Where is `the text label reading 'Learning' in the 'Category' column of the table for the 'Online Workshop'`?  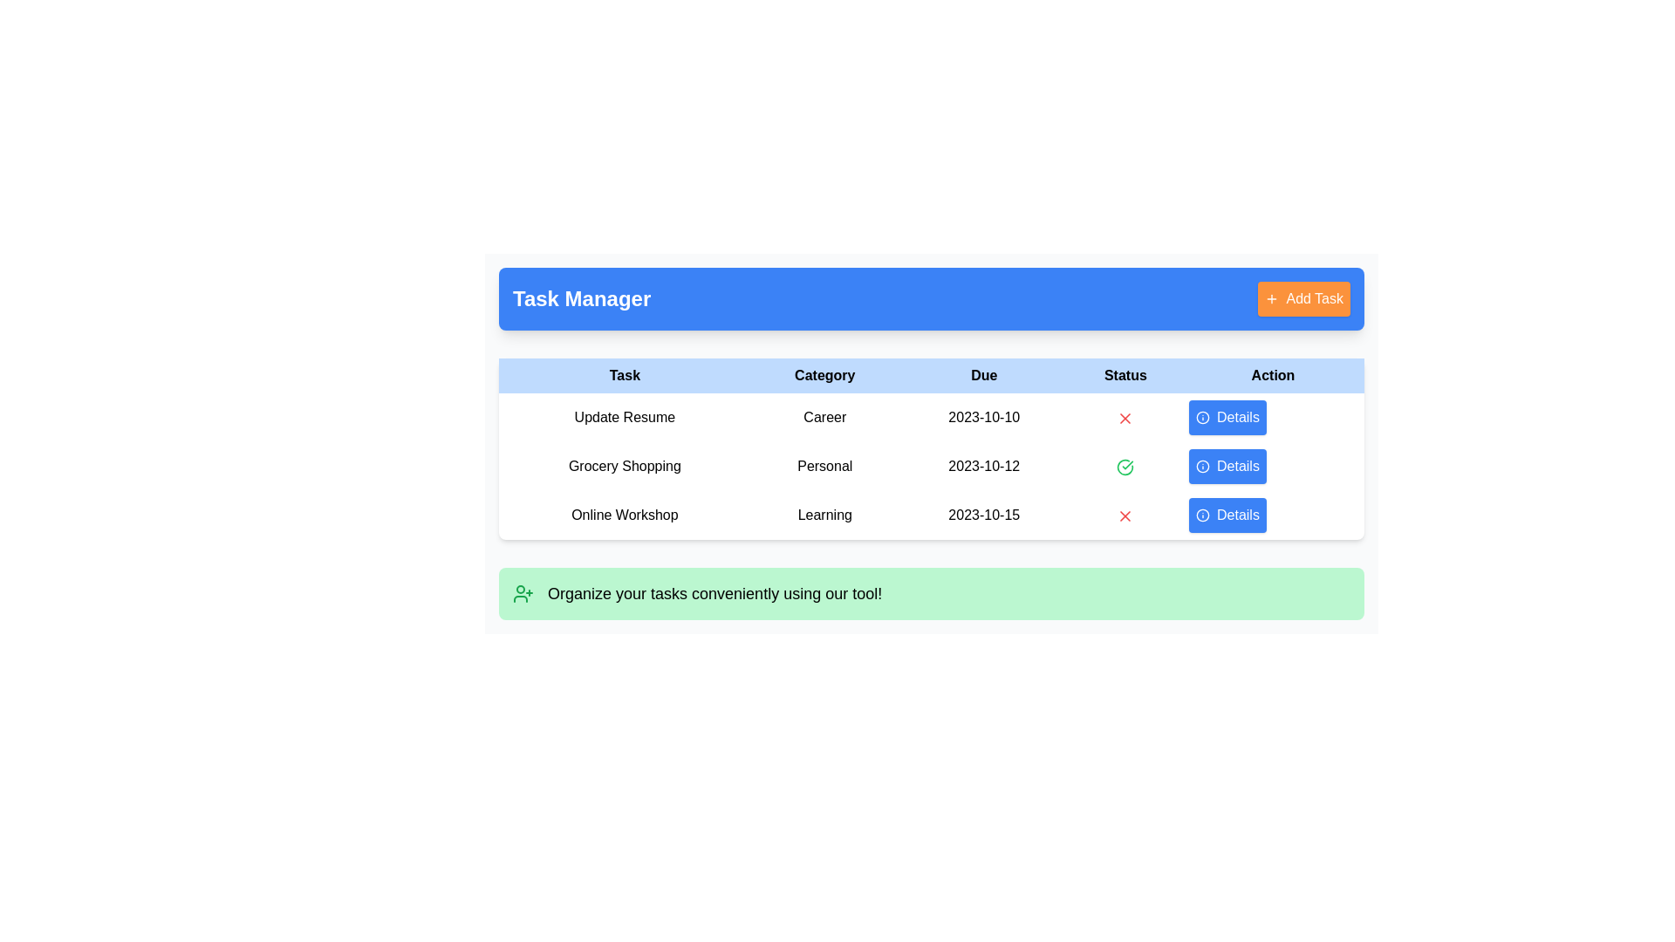 the text label reading 'Learning' in the 'Category' column of the table for the 'Online Workshop' is located at coordinates (824, 514).